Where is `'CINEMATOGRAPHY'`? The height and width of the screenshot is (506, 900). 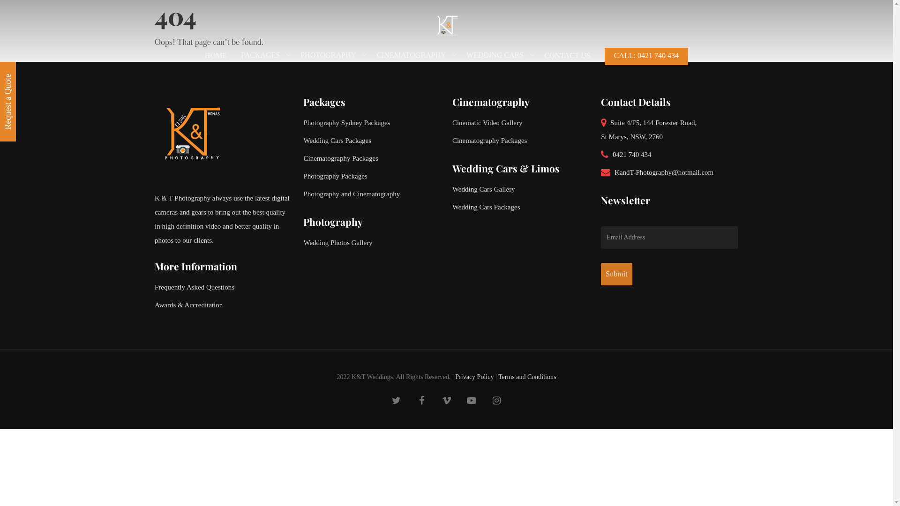 'CINEMATOGRAPHY' is located at coordinates (413, 60).